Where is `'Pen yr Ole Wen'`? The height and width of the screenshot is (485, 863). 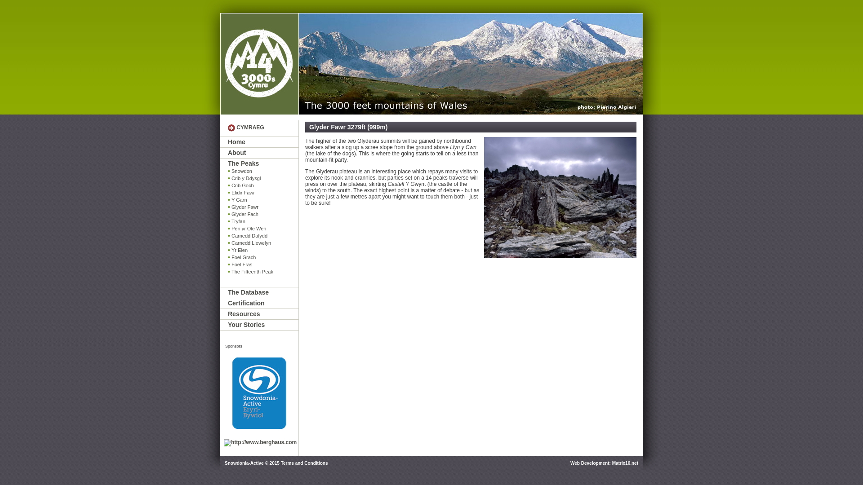
'Pen yr Ole Wen' is located at coordinates (262, 228).